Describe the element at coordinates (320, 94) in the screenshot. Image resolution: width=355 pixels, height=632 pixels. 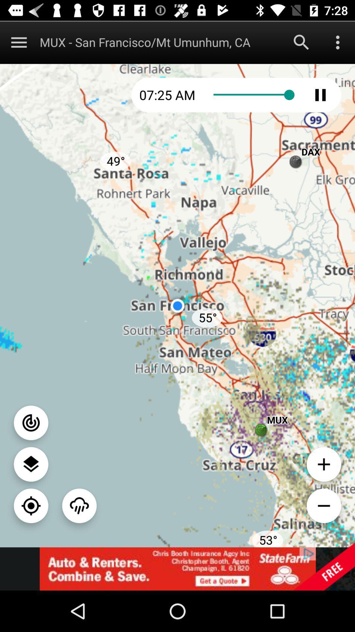
I see `pause/play button` at that location.